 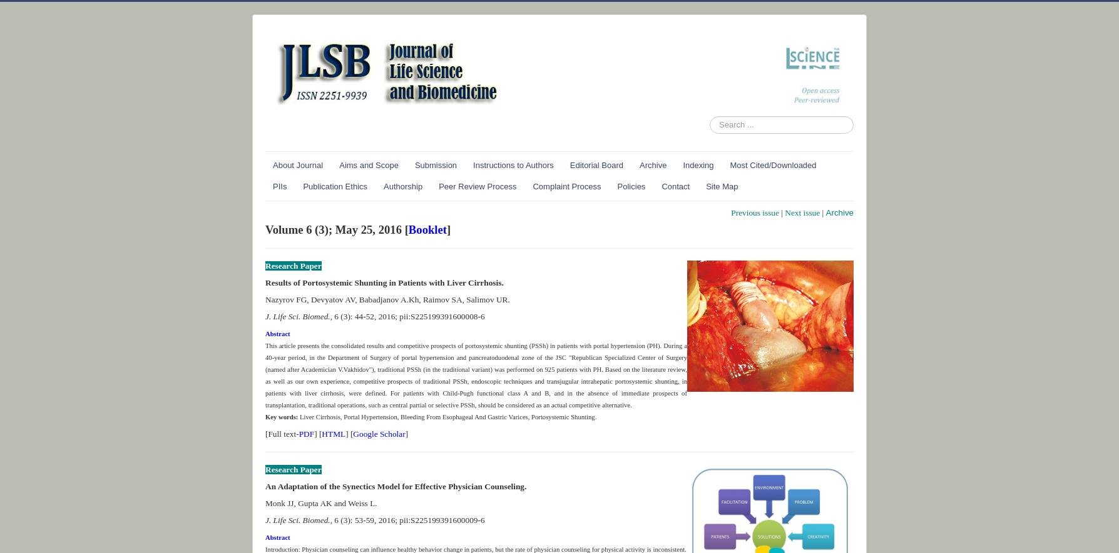 I want to click on 'Key words:', so click(x=282, y=416).